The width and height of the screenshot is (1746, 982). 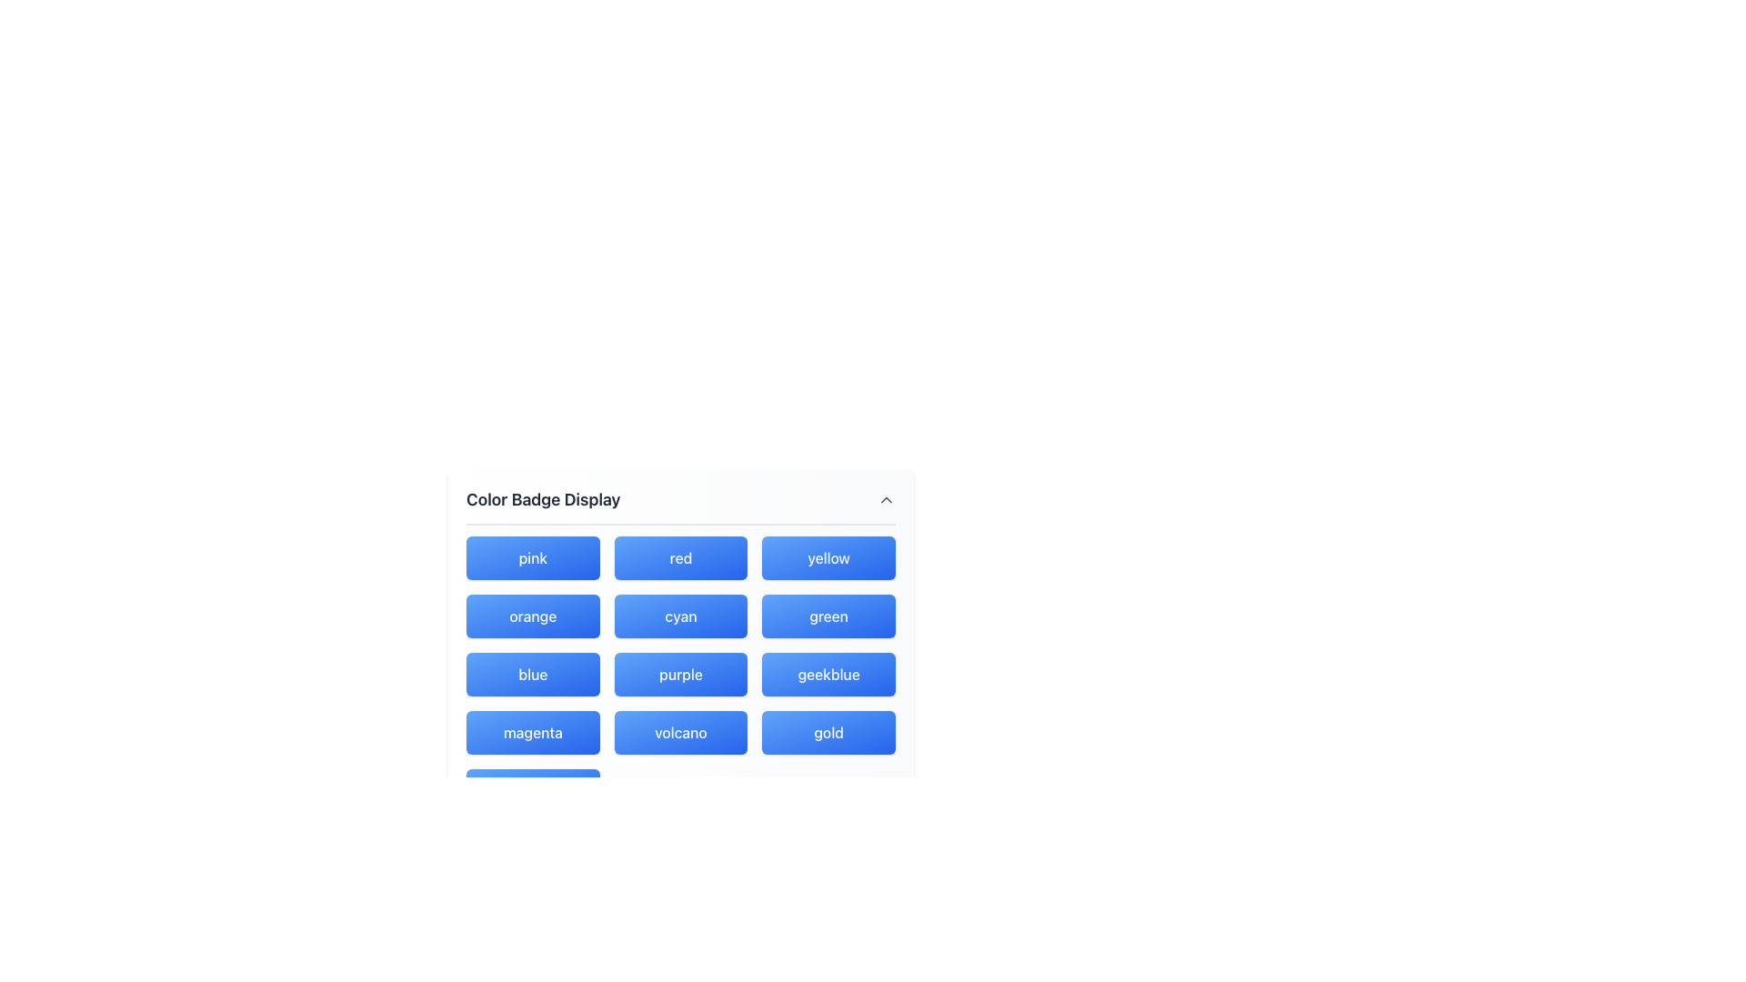 I want to click on the informational button labeled 'magenta', located in the fourth row and first column of the grid, positioned below the 'blue' button and above the 'lime' button, so click(x=532, y=732).